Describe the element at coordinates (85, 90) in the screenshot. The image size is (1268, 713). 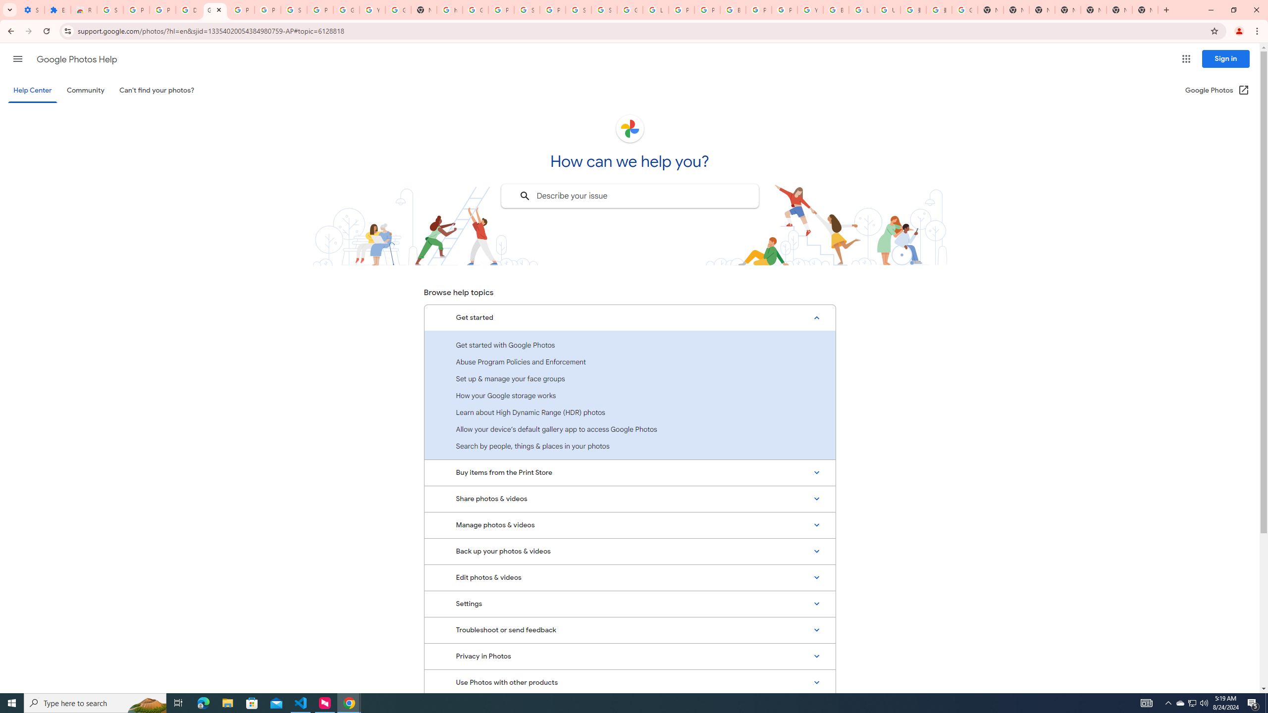
I see `'Community'` at that location.